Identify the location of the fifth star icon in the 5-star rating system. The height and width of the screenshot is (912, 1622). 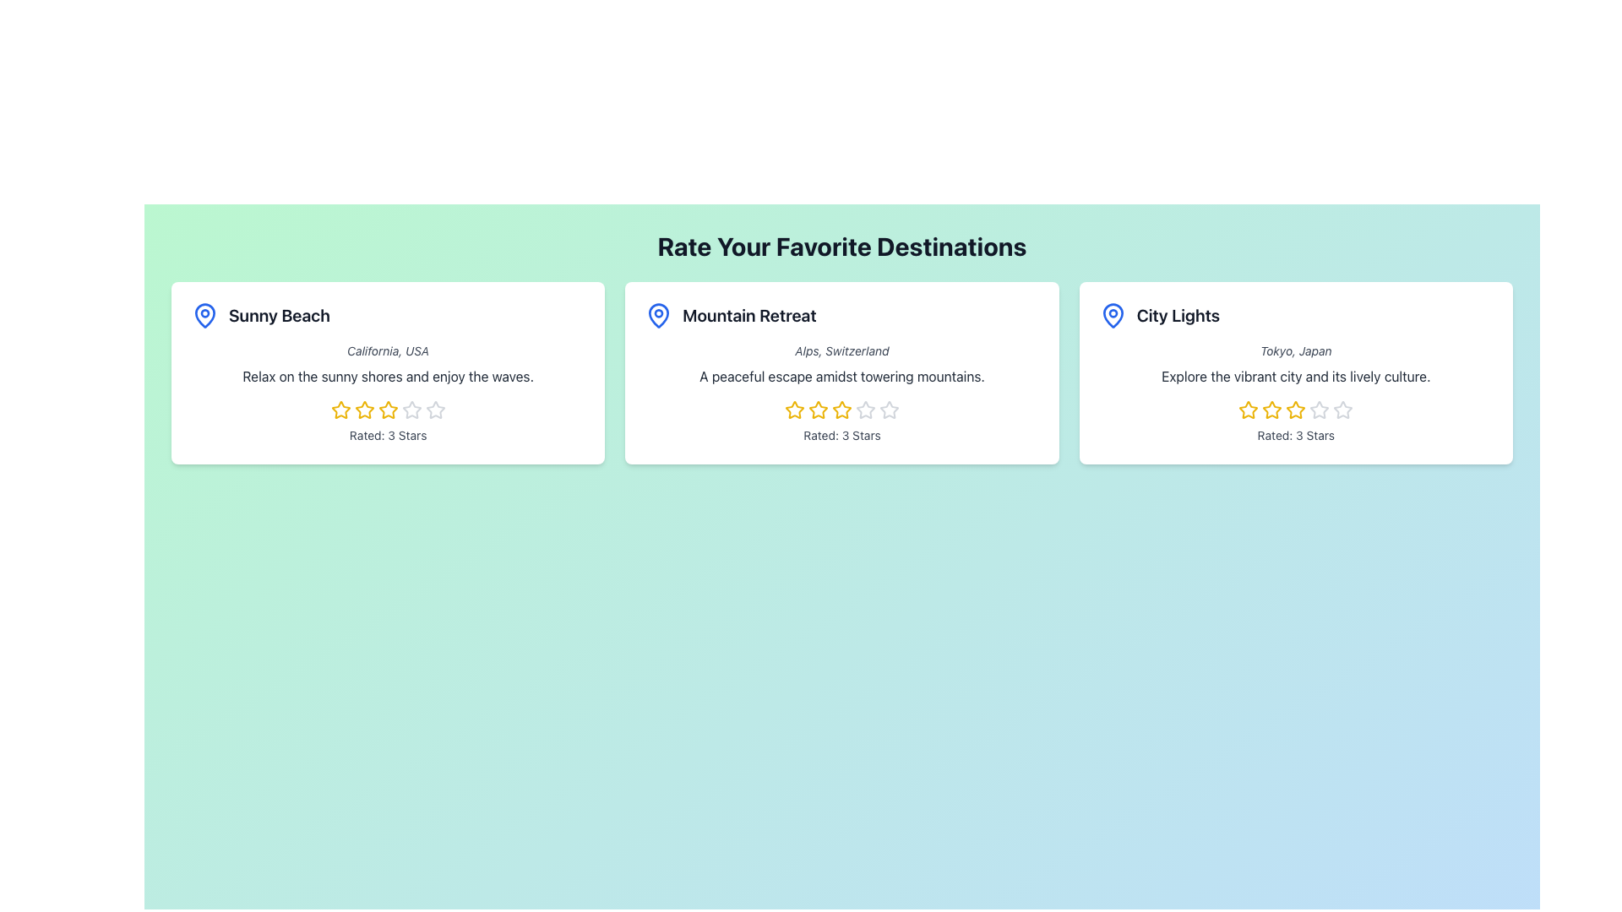
(435, 410).